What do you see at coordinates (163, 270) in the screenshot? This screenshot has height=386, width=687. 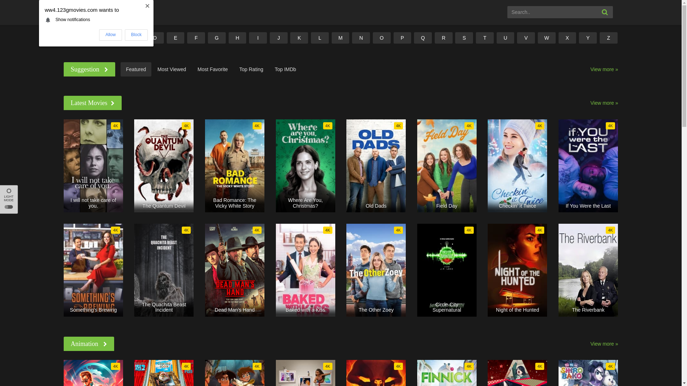 I see `'4K` at bounding box center [163, 270].